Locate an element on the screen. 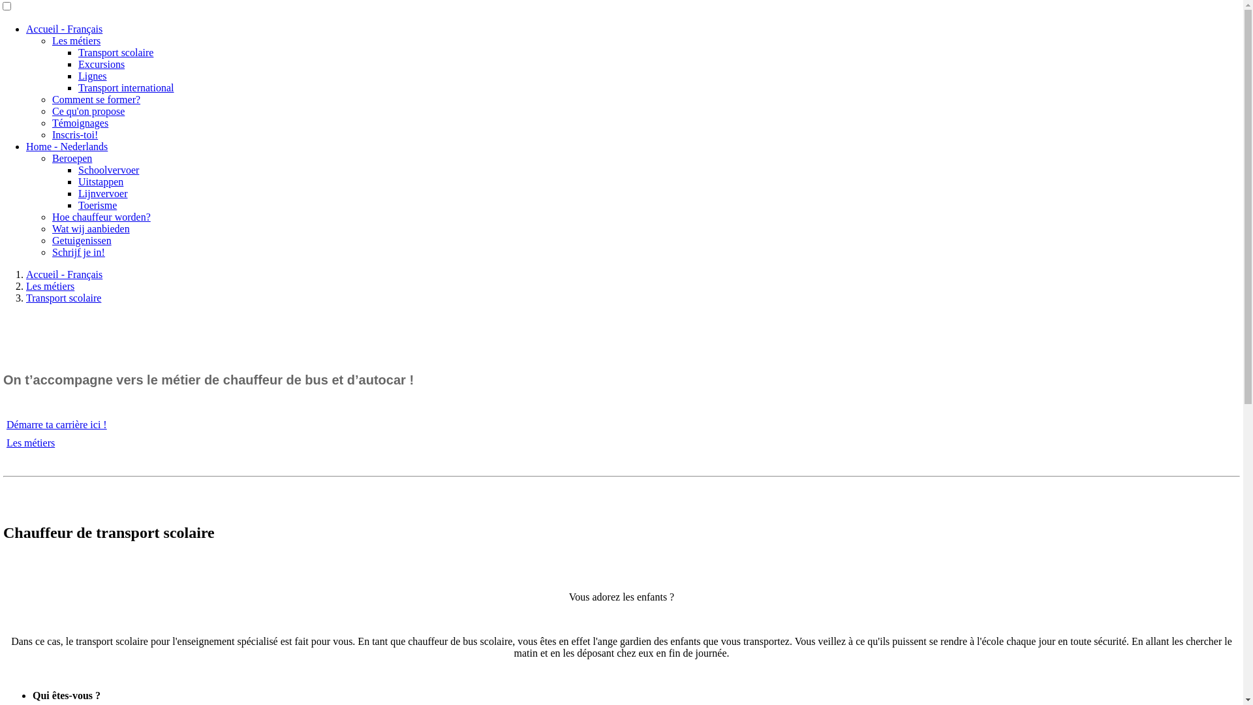 This screenshot has height=705, width=1253. 'Ce qu'on propose' is located at coordinates (87, 110).